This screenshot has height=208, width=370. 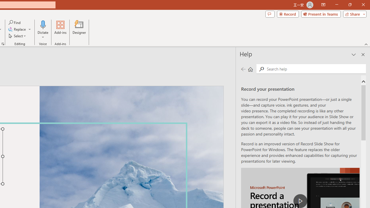 I want to click on 'Collapse the Ribbon', so click(x=366, y=44).